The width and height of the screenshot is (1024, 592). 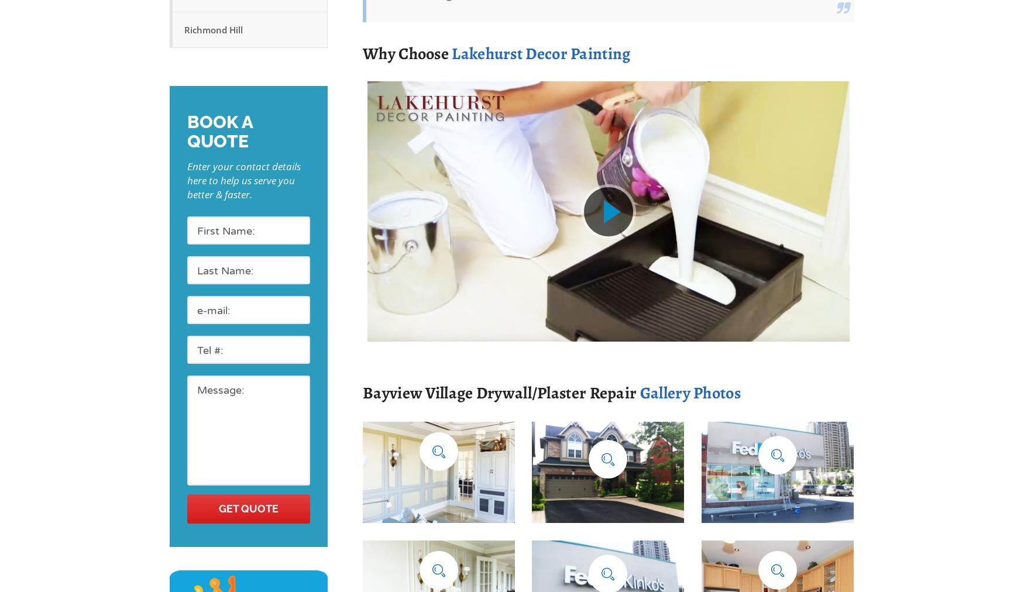 I want to click on 'Richmond Hill', so click(x=214, y=29).